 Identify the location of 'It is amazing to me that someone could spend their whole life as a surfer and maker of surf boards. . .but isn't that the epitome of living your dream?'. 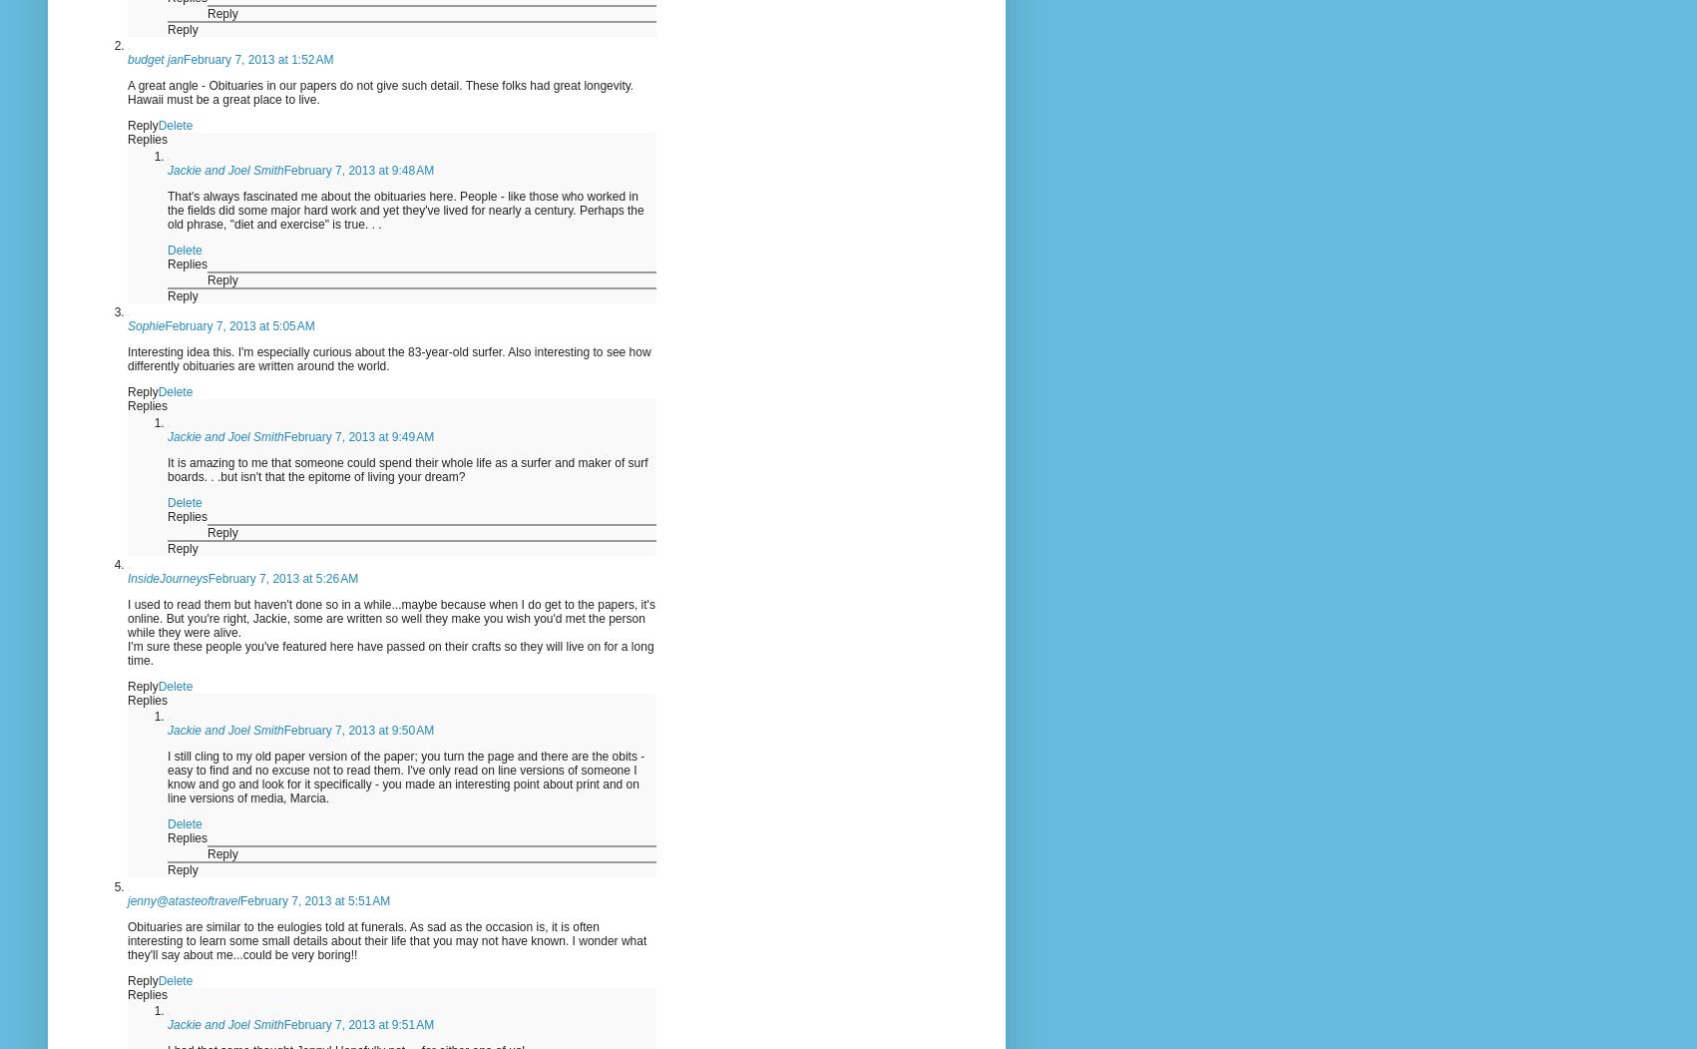
(167, 468).